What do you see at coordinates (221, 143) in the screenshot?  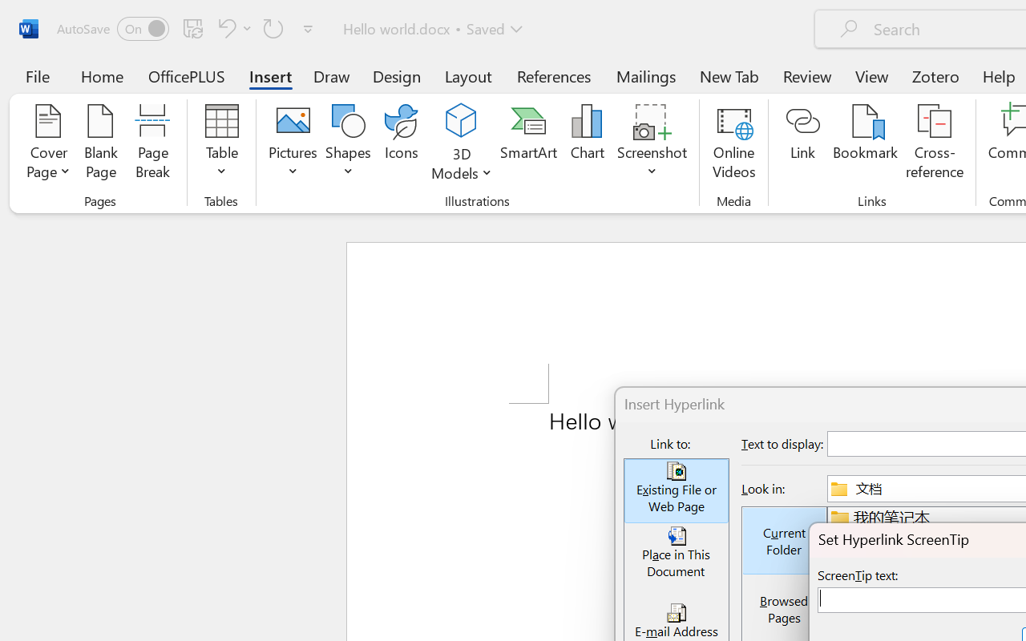 I see `'Table'` at bounding box center [221, 143].